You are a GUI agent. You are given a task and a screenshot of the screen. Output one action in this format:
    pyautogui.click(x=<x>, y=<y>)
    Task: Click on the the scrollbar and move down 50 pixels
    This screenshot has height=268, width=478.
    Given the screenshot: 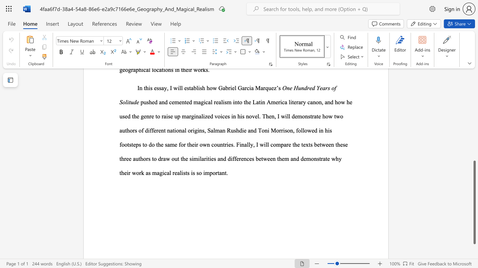 What is the action you would take?
    pyautogui.click(x=474, y=202)
    